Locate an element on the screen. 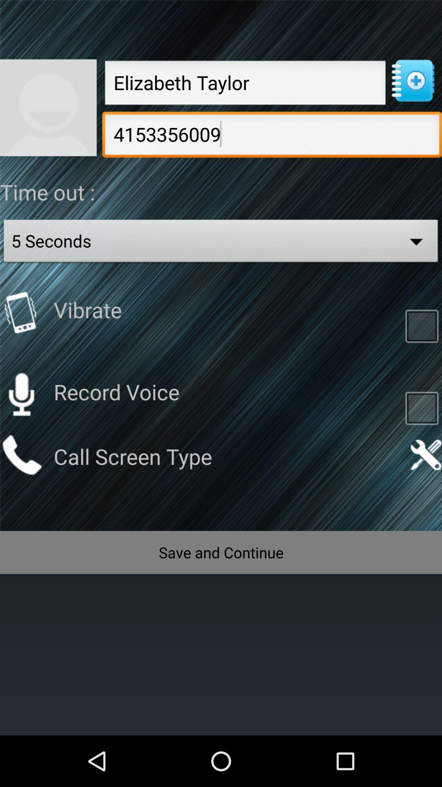  choose screen type is located at coordinates (21, 454).